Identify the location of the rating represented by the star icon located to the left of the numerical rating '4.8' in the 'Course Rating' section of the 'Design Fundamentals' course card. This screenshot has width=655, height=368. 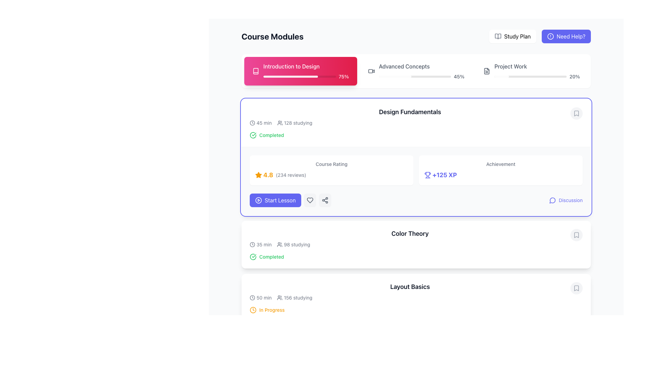
(258, 174).